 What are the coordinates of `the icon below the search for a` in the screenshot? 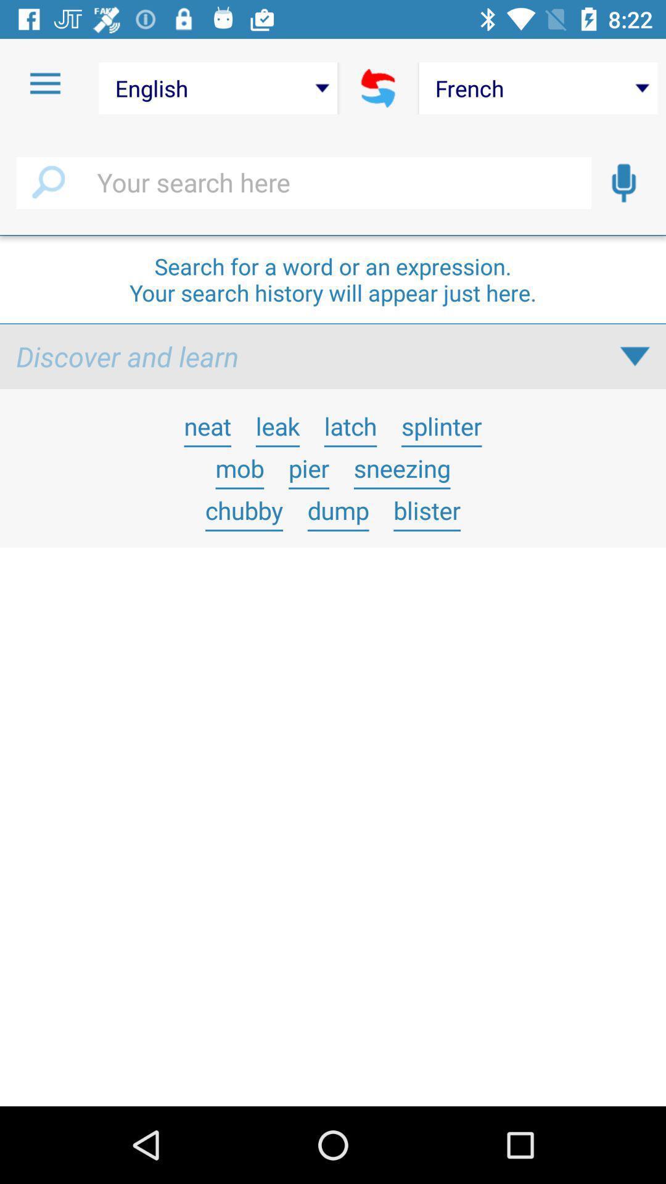 It's located at (635, 356).